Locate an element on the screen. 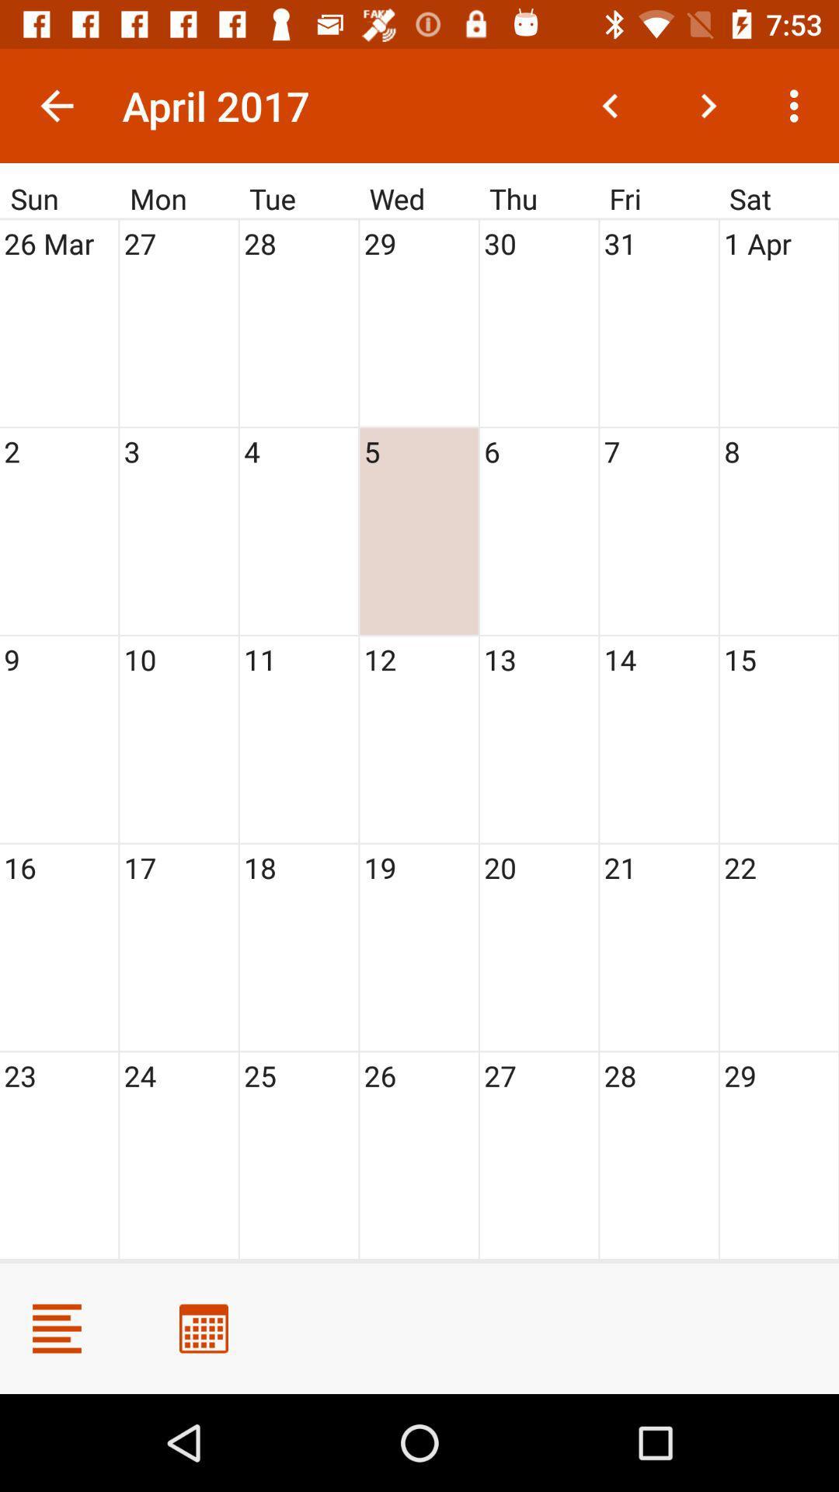  previous month is located at coordinates (610, 105).